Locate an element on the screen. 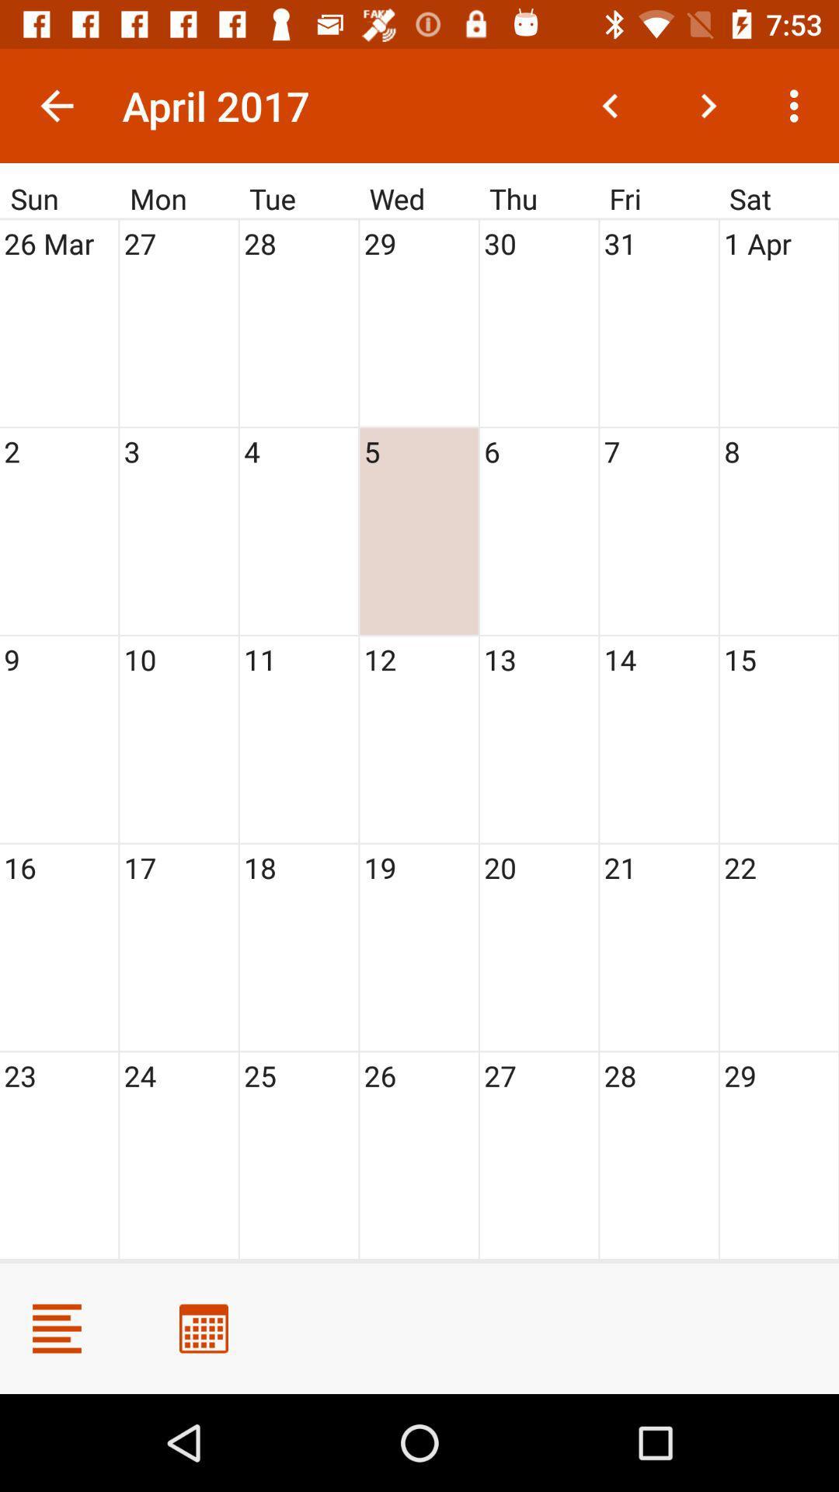  previous month is located at coordinates (610, 105).